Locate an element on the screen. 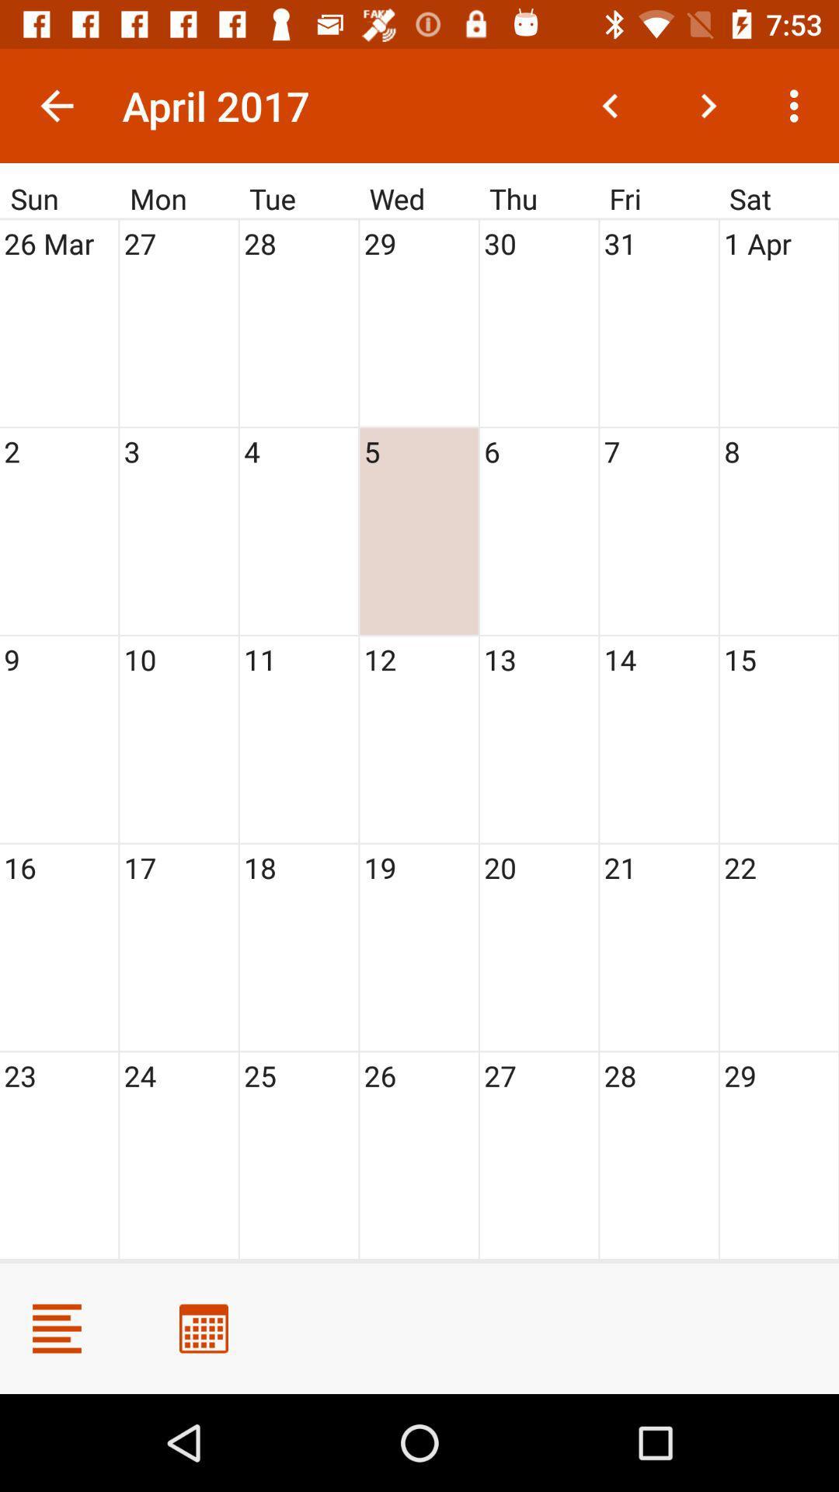  previous month is located at coordinates (610, 105).